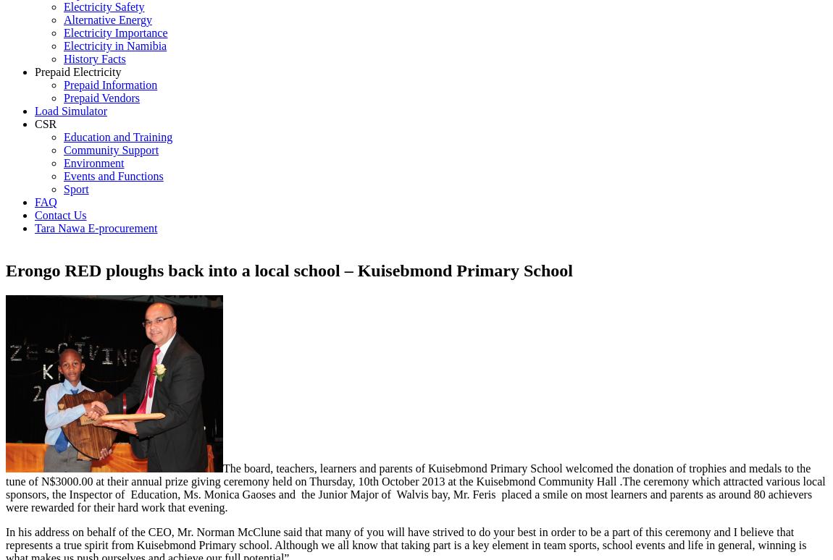  What do you see at coordinates (33, 201) in the screenshot?
I see `'FAQ'` at bounding box center [33, 201].